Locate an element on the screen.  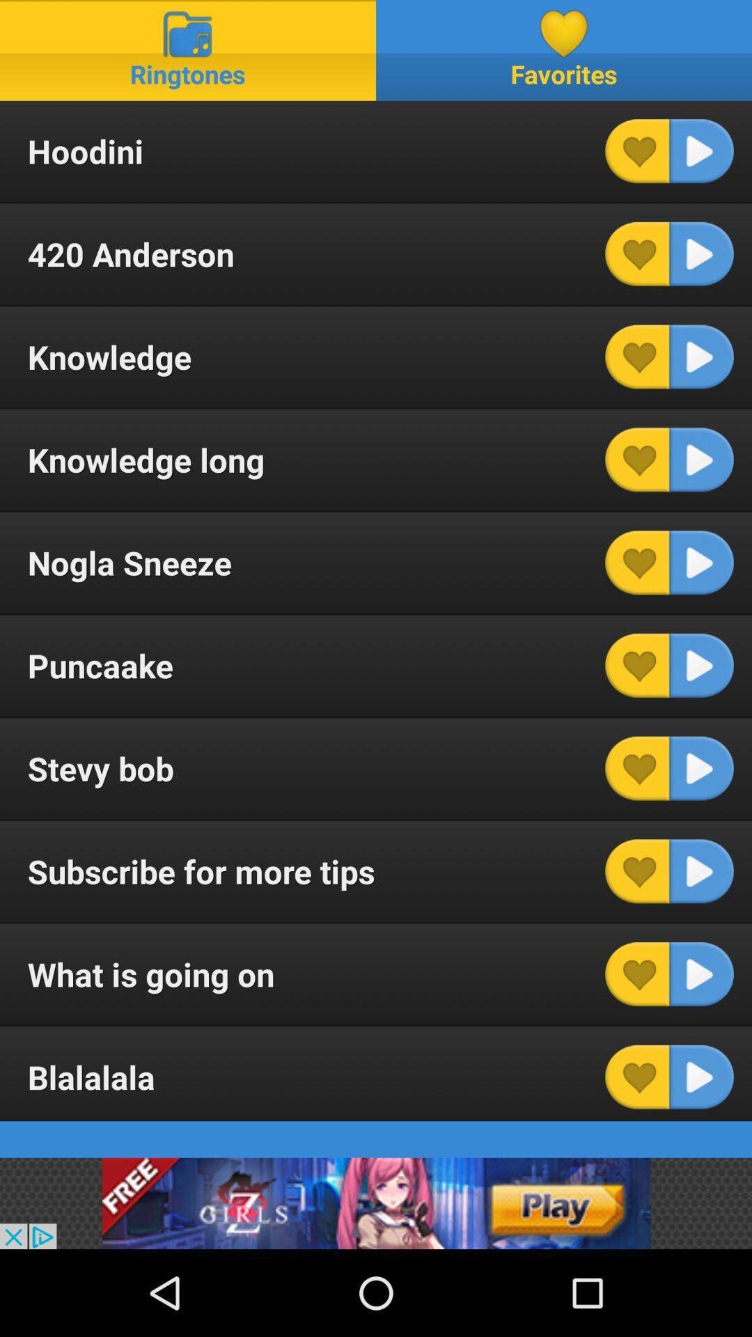
this track is located at coordinates (701, 357).